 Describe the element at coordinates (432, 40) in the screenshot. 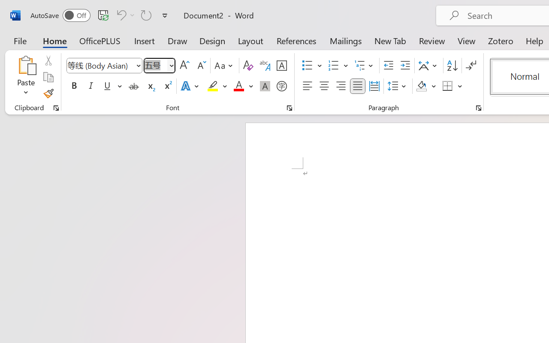

I see `'Review'` at that location.